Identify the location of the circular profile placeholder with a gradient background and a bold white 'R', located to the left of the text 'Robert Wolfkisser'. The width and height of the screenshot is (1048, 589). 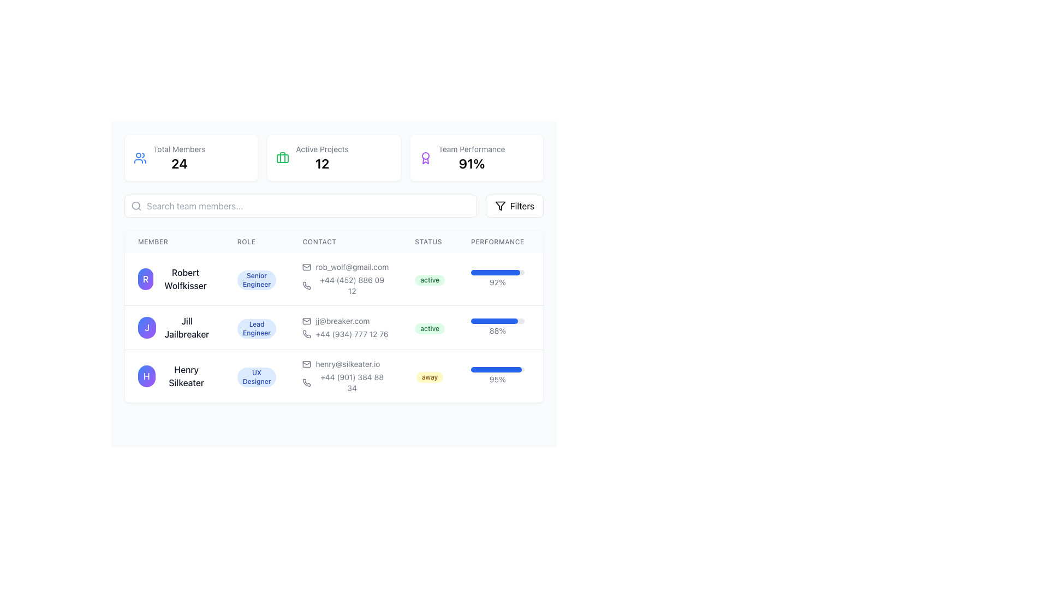
(145, 279).